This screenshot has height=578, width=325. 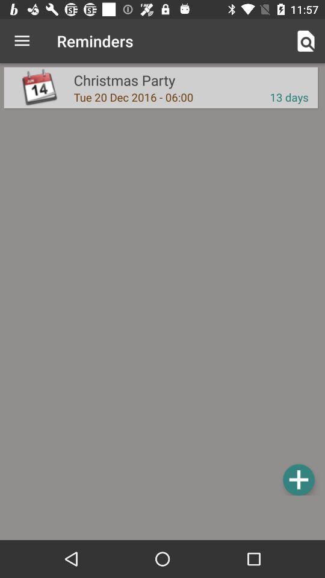 What do you see at coordinates (298, 479) in the screenshot?
I see `reminder` at bounding box center [298, 479].